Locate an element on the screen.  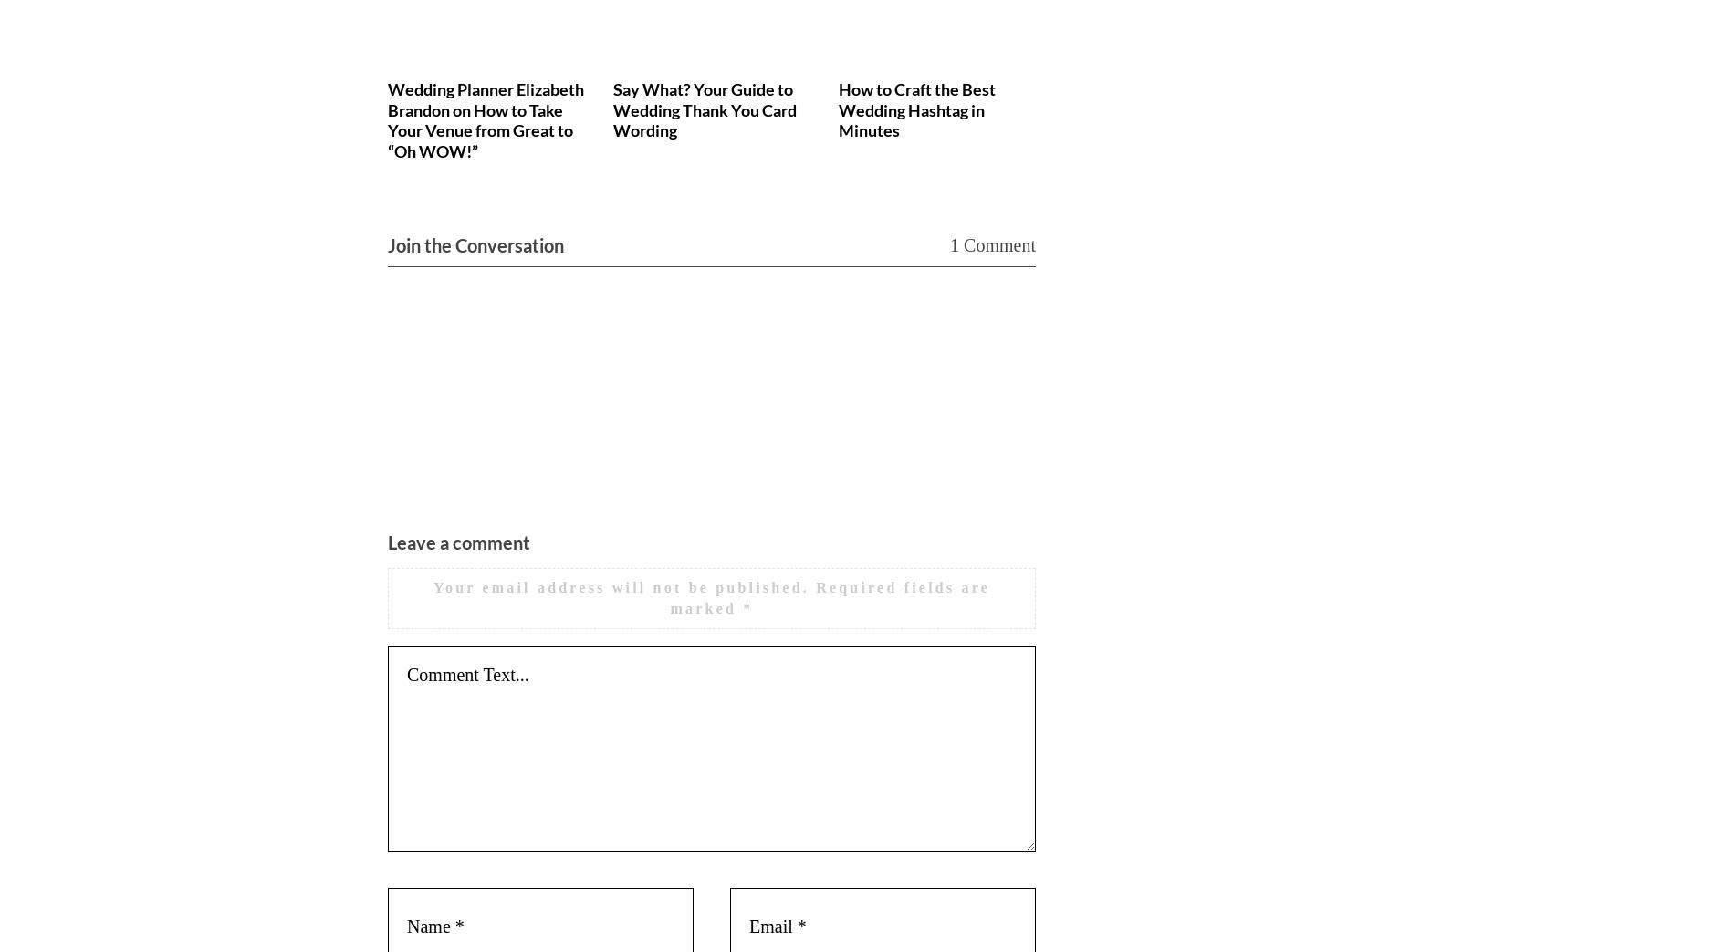
'Required fields are marked' is located at coordinates (829, 596).